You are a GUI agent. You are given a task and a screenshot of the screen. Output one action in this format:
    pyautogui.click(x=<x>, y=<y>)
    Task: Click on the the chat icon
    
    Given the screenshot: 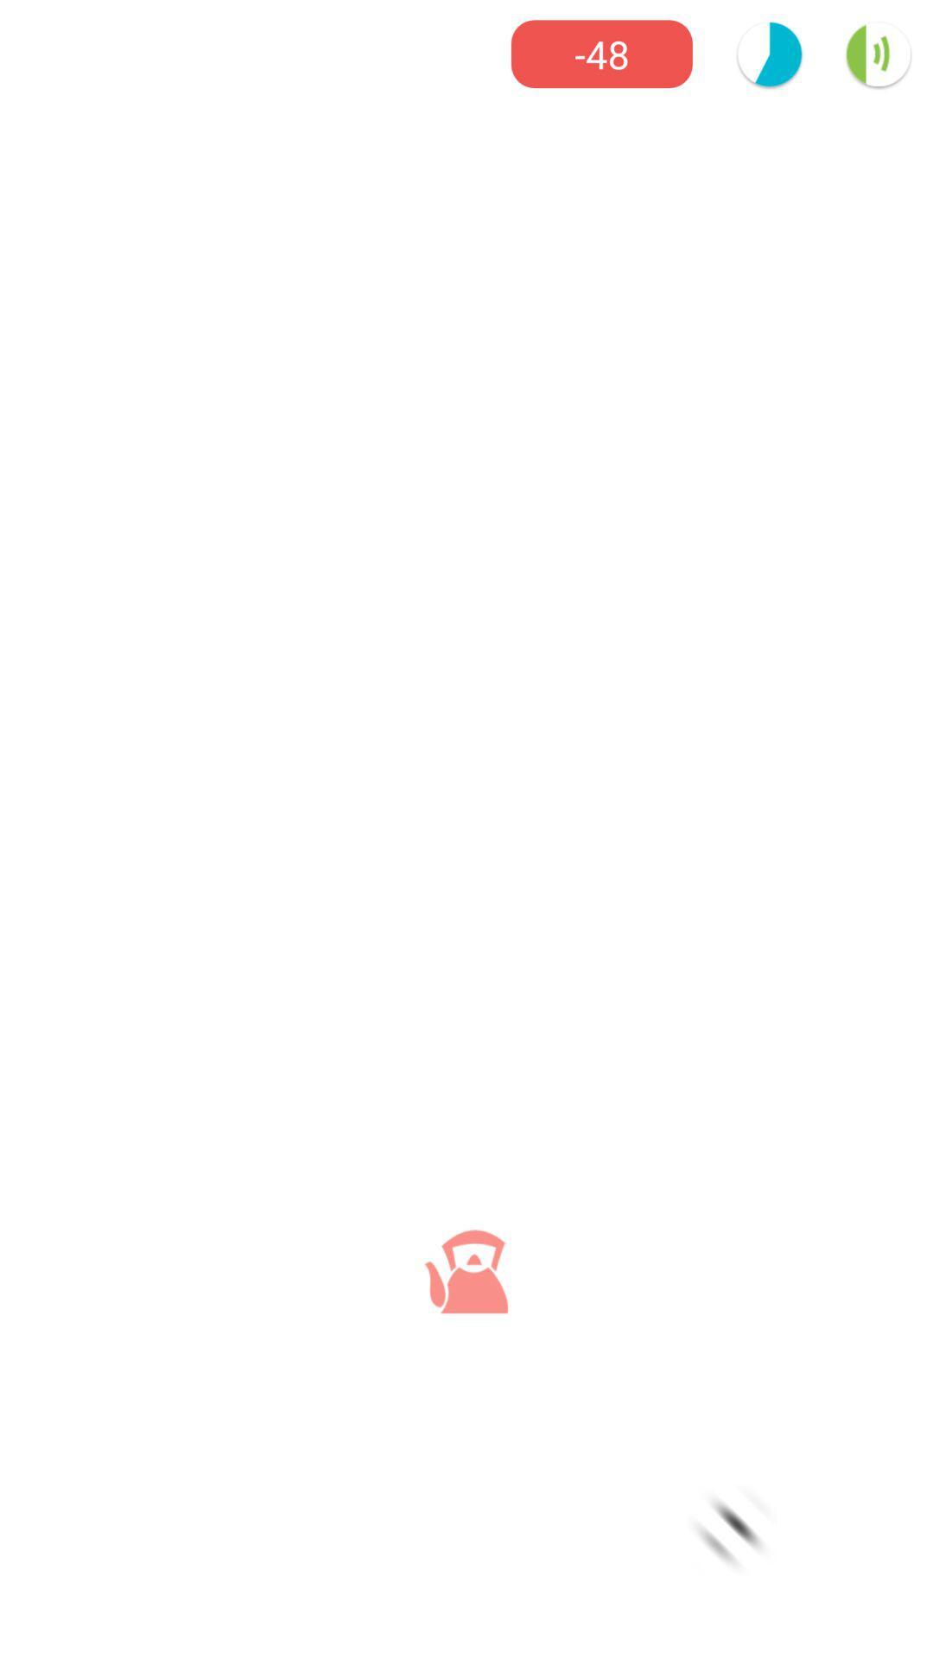 What is the action you would take?
    pyautogui.click(x=466, y=1272)
    